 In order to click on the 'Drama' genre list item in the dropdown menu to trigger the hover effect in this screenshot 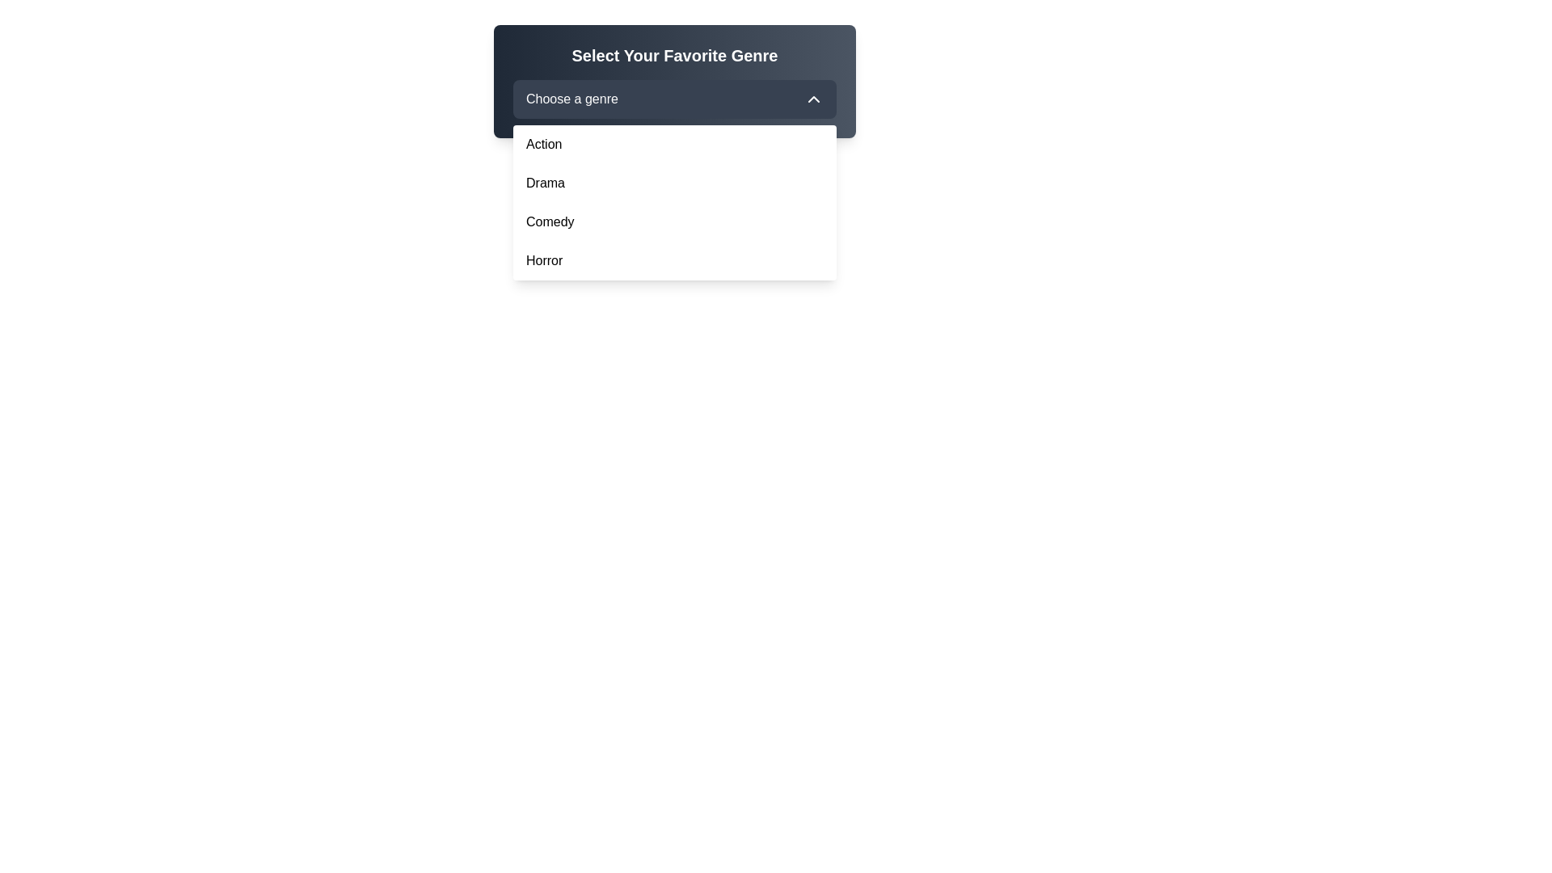, I will do `click(675, 183)`.